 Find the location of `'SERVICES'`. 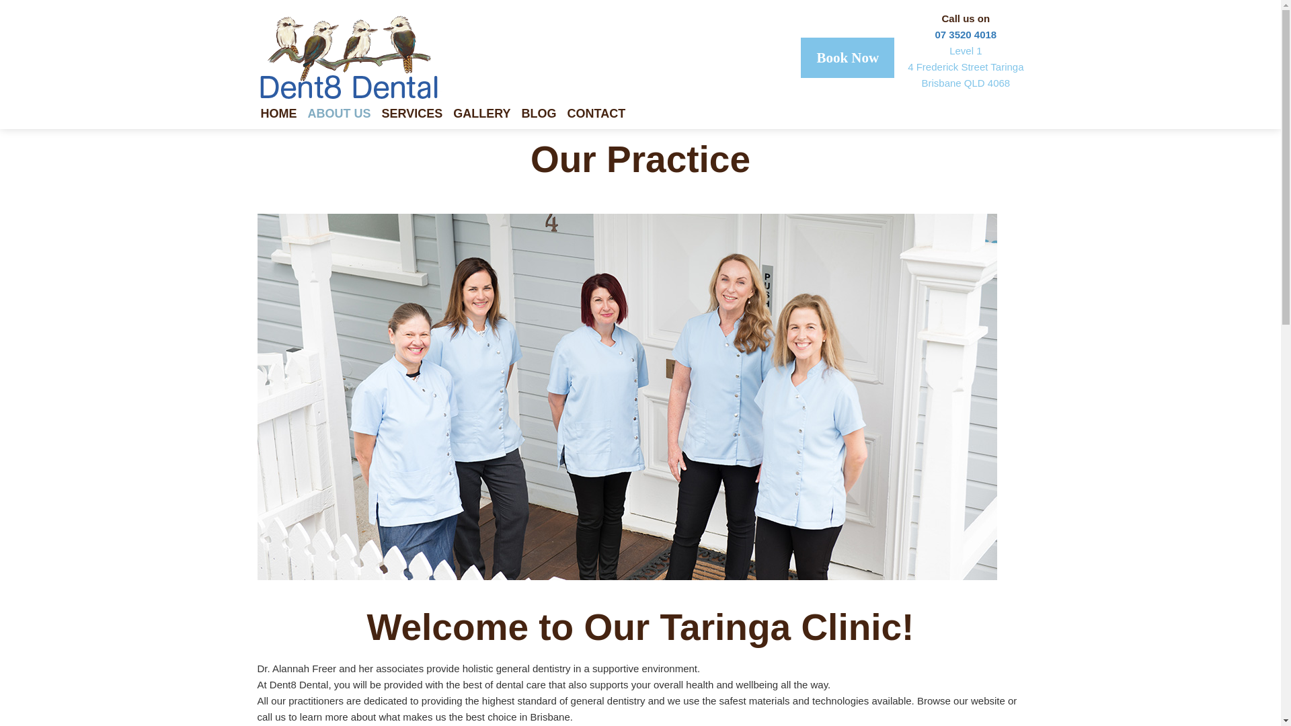

'SERVICES' is located at coordinates (417, 116).